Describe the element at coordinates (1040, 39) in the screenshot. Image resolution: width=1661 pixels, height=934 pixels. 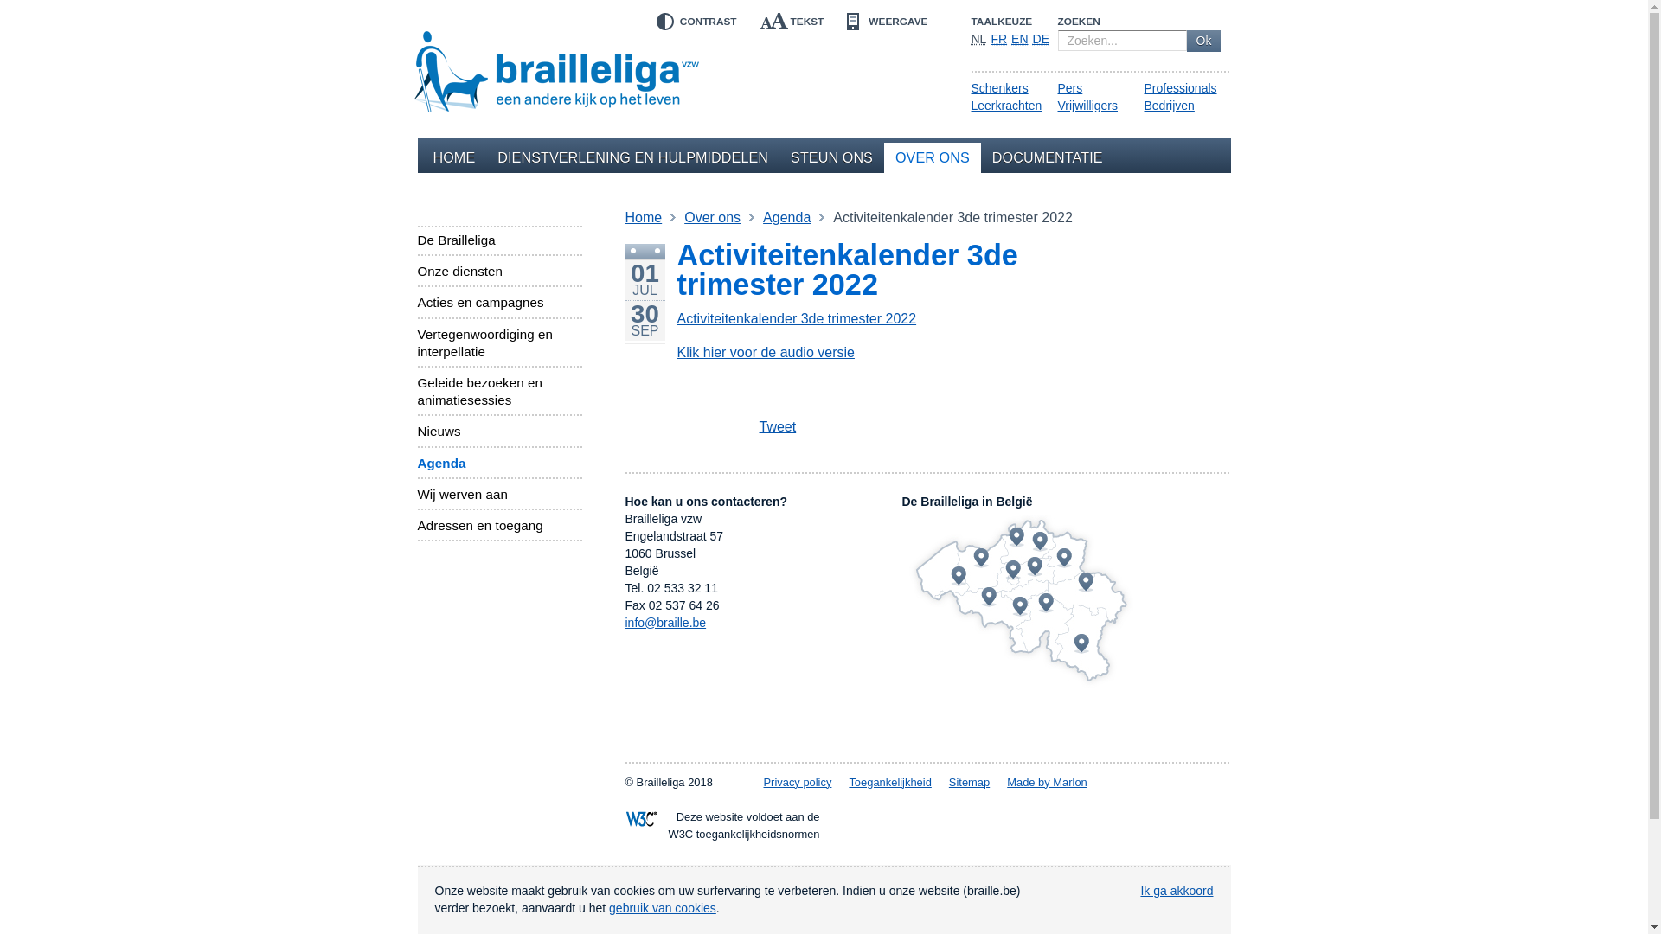
I see `'DE'` at that location.